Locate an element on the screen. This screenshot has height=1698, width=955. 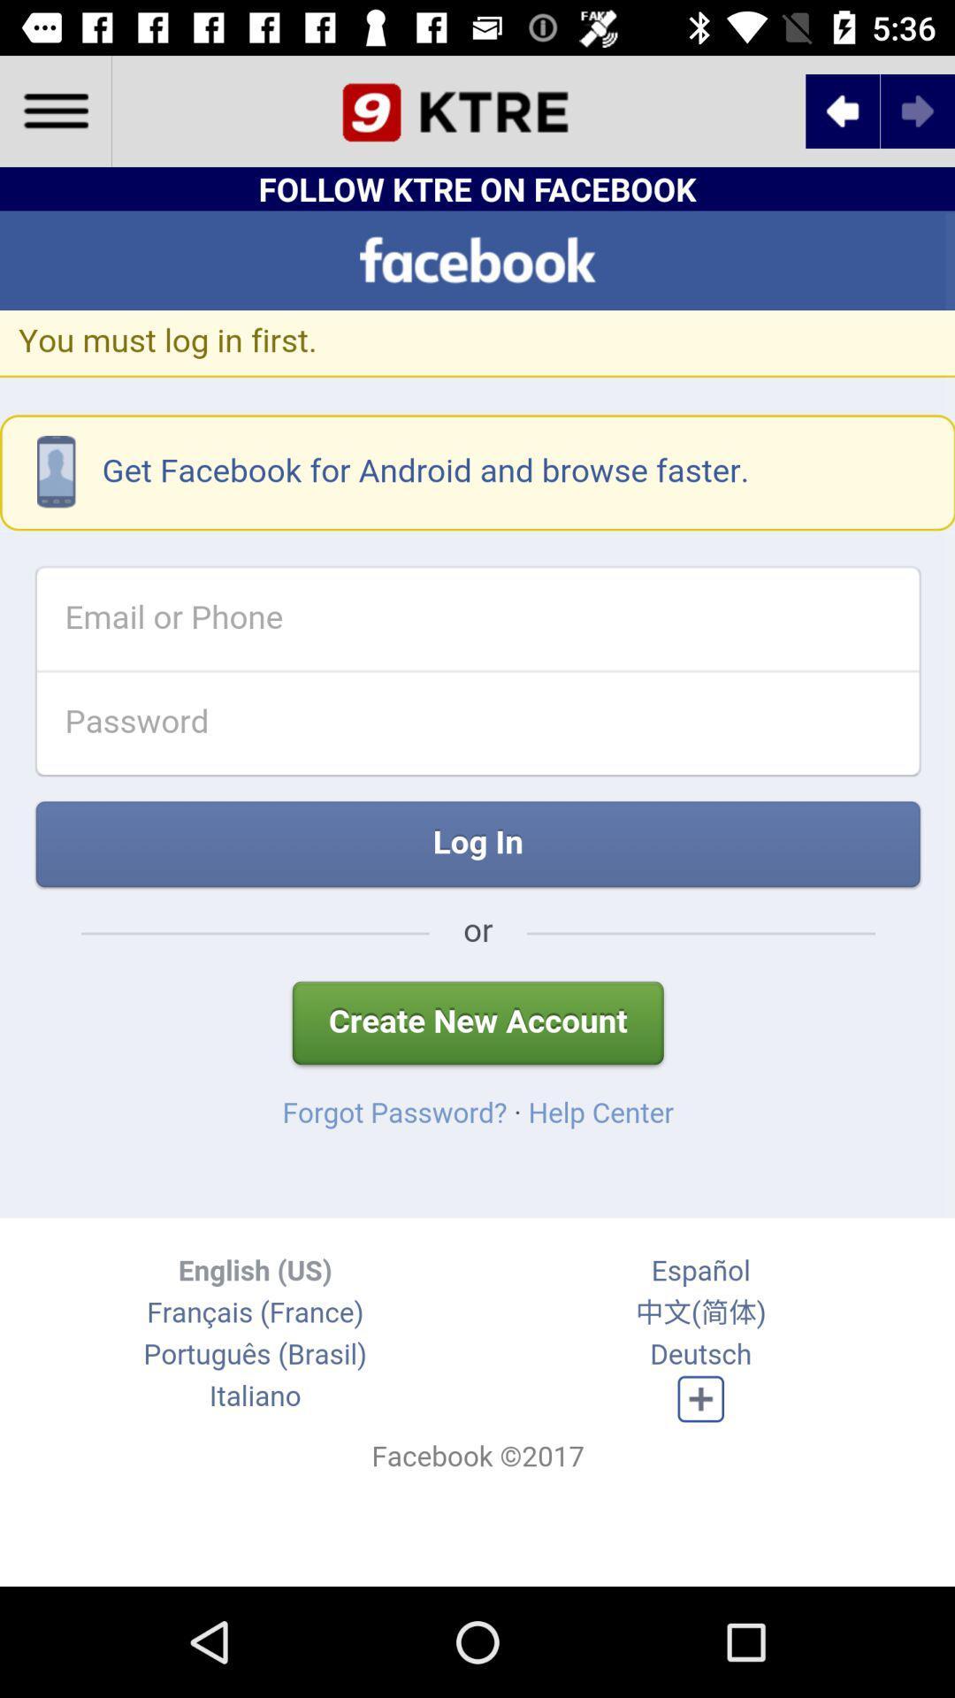
the date_range icon is located at coordinates (477, 110).